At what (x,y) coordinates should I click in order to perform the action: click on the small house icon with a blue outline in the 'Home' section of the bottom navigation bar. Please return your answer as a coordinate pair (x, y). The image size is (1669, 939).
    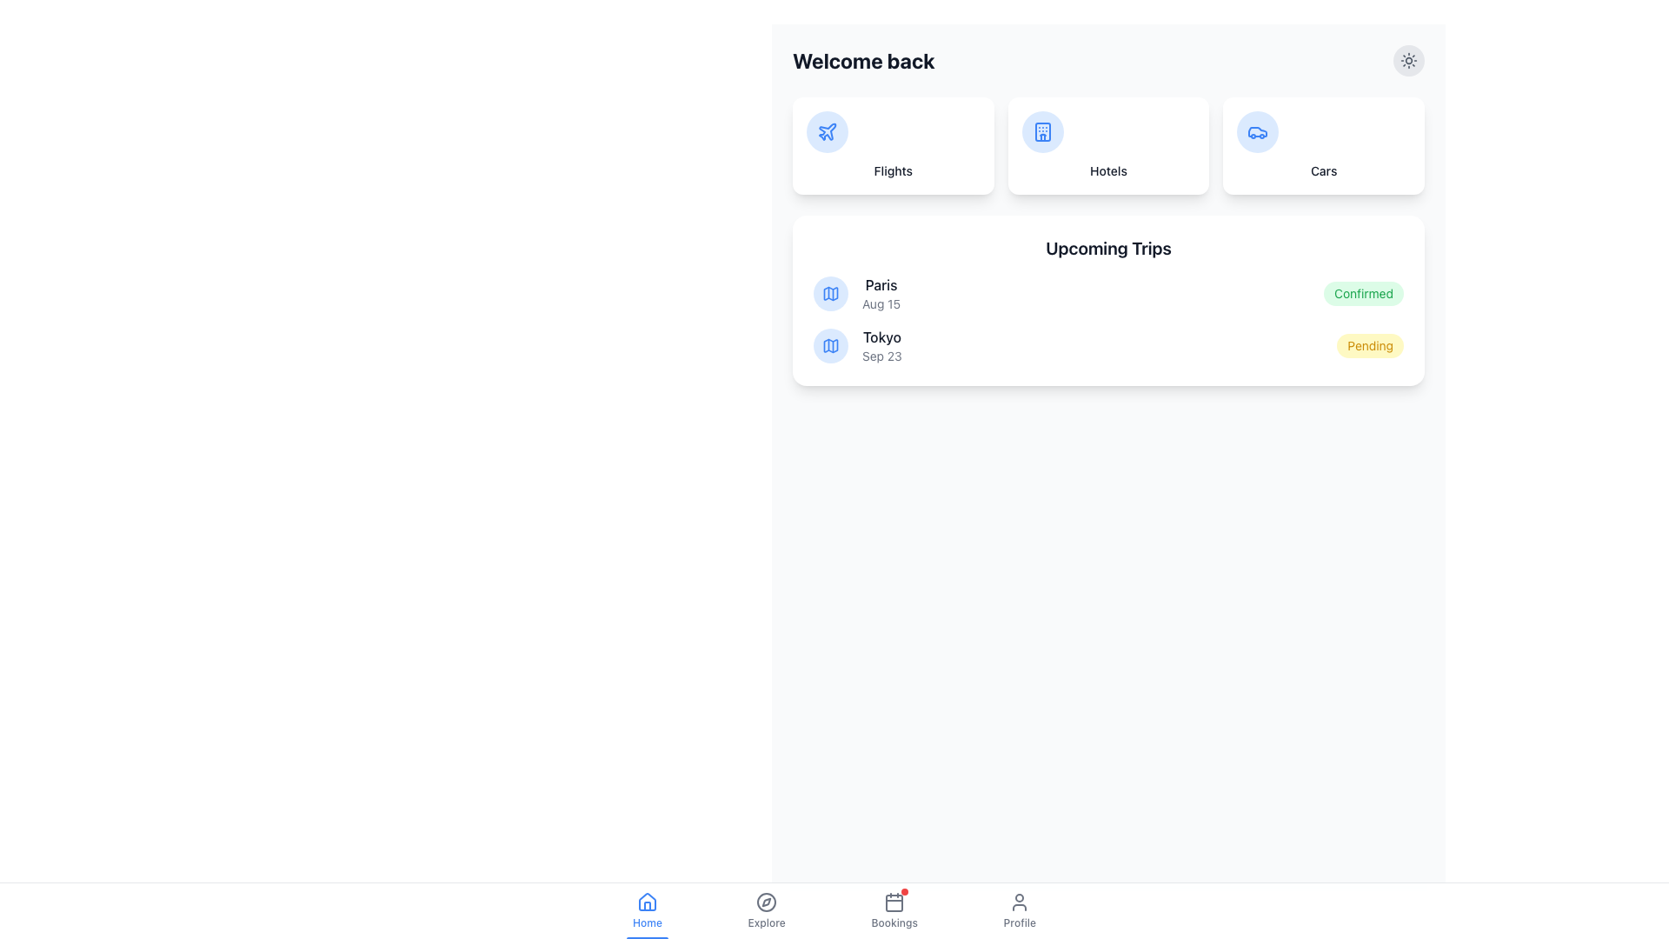
    Looking at the image, I should click on (646, 901).